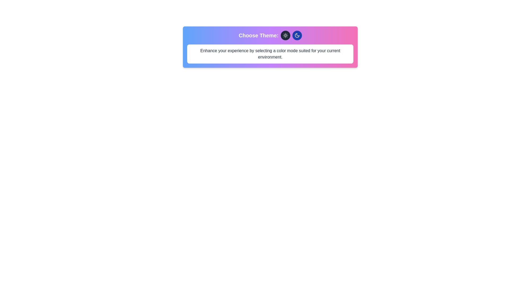 Image resolution: width=509 pixels, height=286 pixels. What do you see at coordinates (285, 35) in the screenshot?
I see `the light theme icon located inside a circular button to the left of the moon icon, positioned at the top center of the interface, just above the text label 'Choose Theme:', for keyboard navigation` at bounding box center [285, 35].